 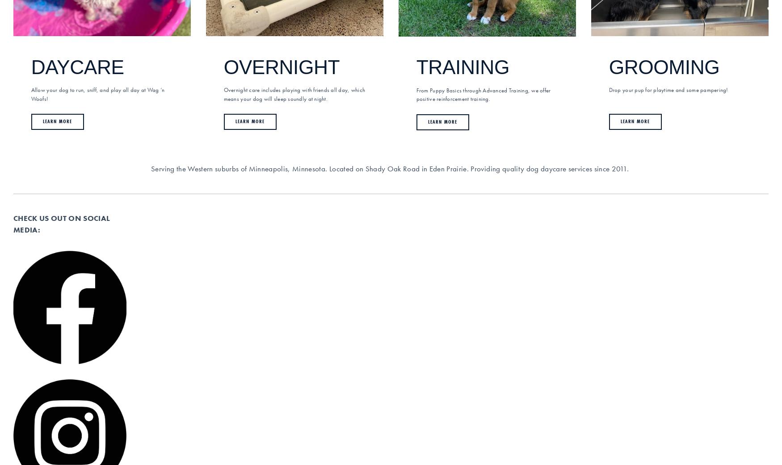 What do you see at coordinates (283, 66) in the screenshot?
I see `'OVERNIGHT'` at bounding box center [283, 66].